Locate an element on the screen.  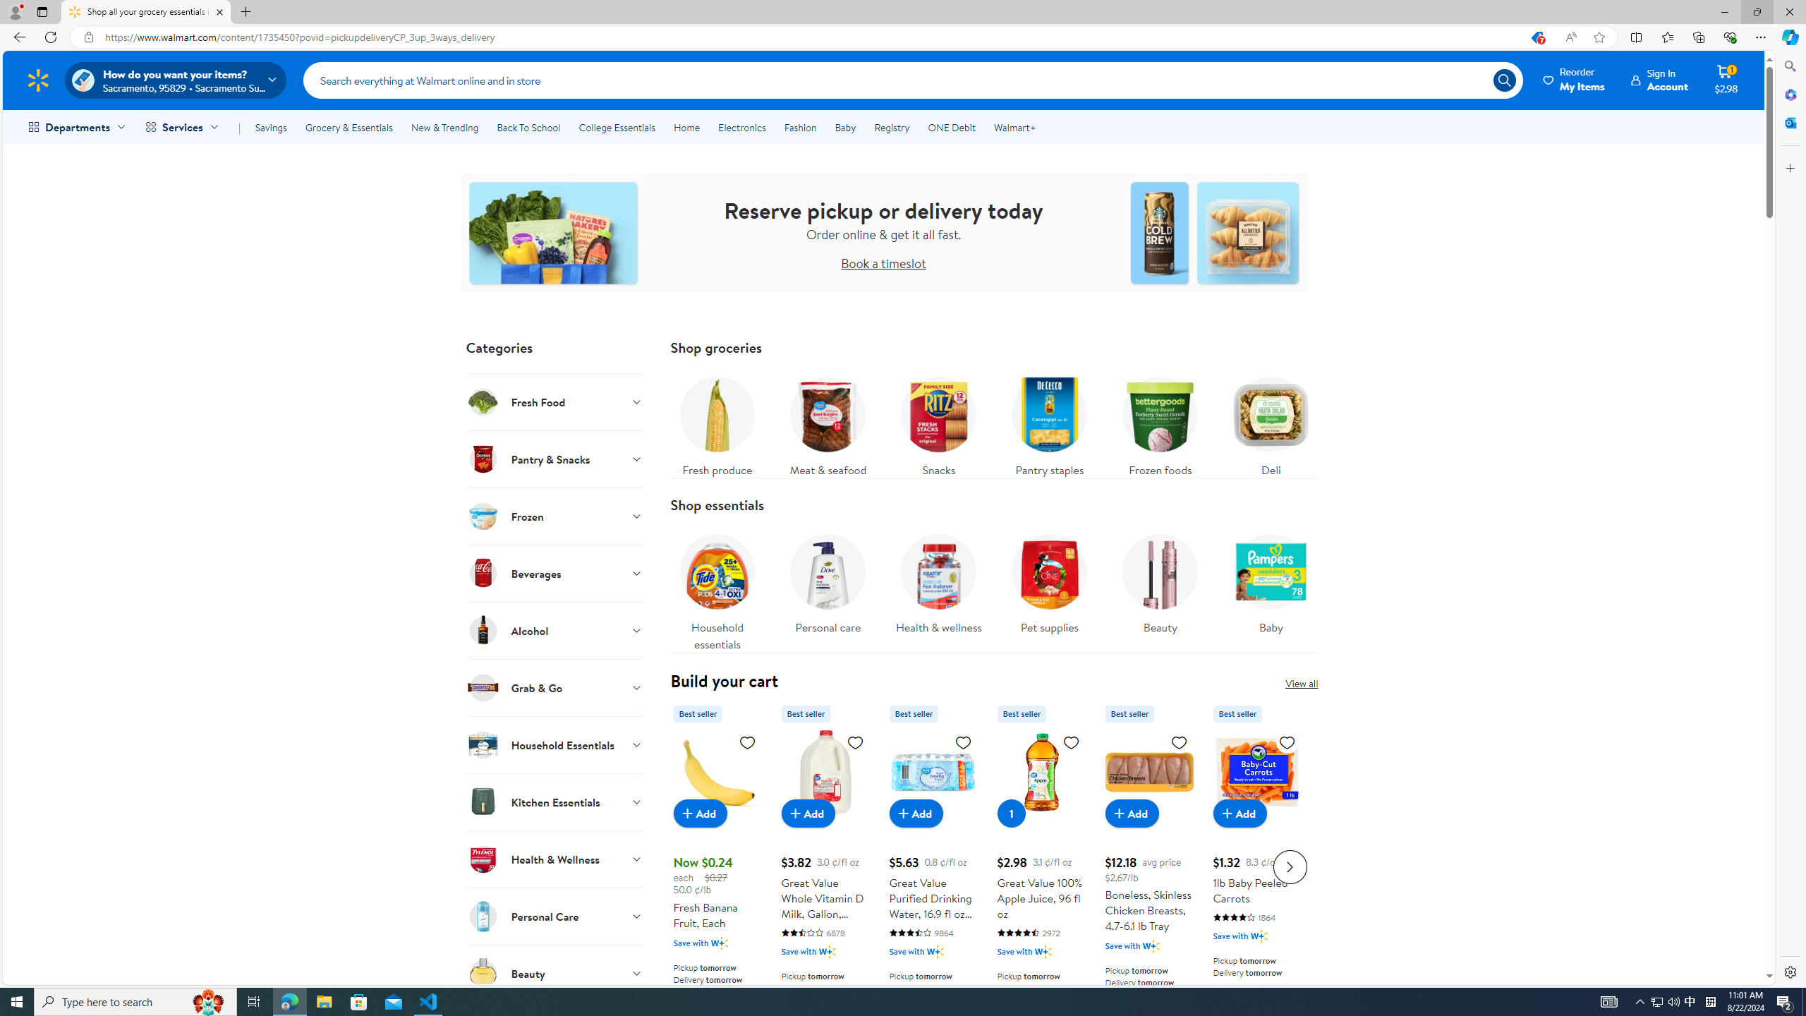
'Kitchen Essentials' is located at coordinates (553, 801).